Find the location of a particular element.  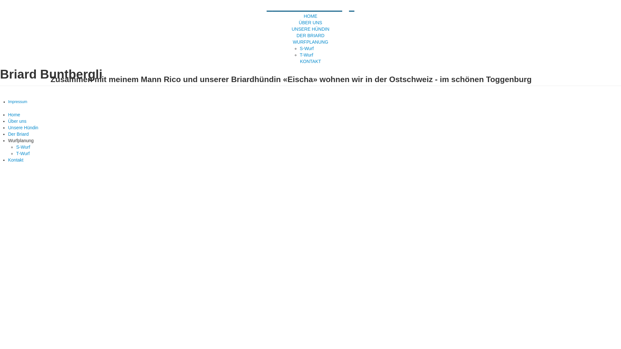

'S-Wurf' is located at coordinates (23, 147).